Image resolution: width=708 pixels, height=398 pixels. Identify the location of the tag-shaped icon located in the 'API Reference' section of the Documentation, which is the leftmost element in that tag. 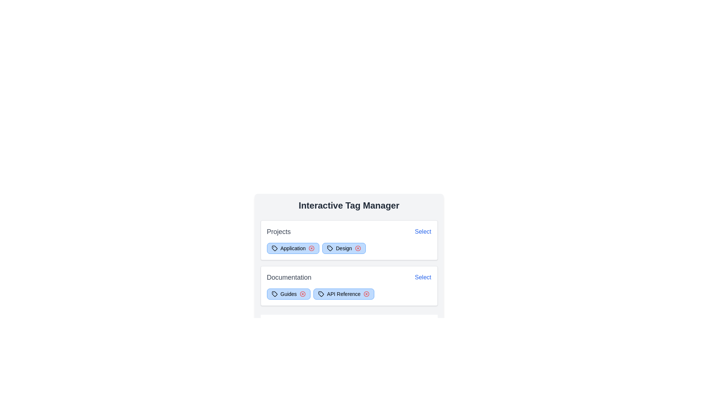
(321, 294).